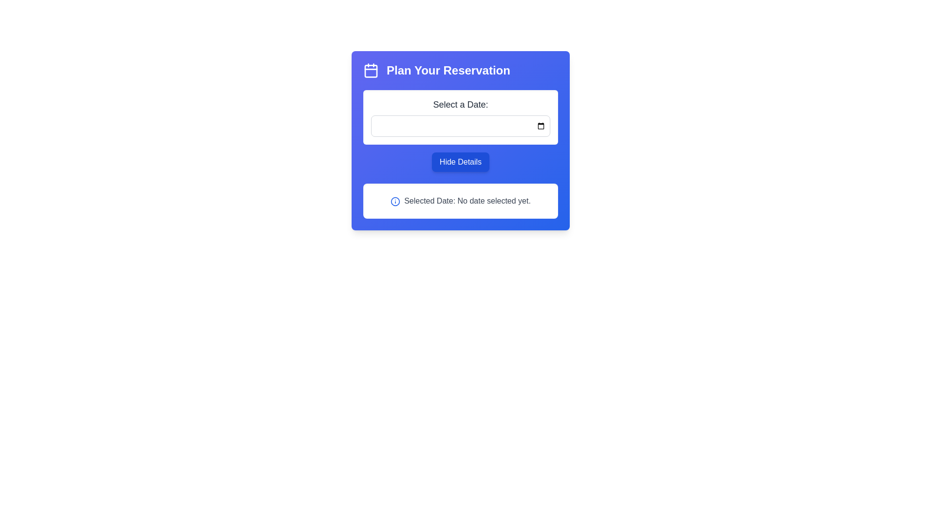  Describe the element at coordinates (371, 70) in the screenshot. I see `the calendar icon SVG graphic, which is located to the left of the text 'Plan Your Reservation'` at that location.